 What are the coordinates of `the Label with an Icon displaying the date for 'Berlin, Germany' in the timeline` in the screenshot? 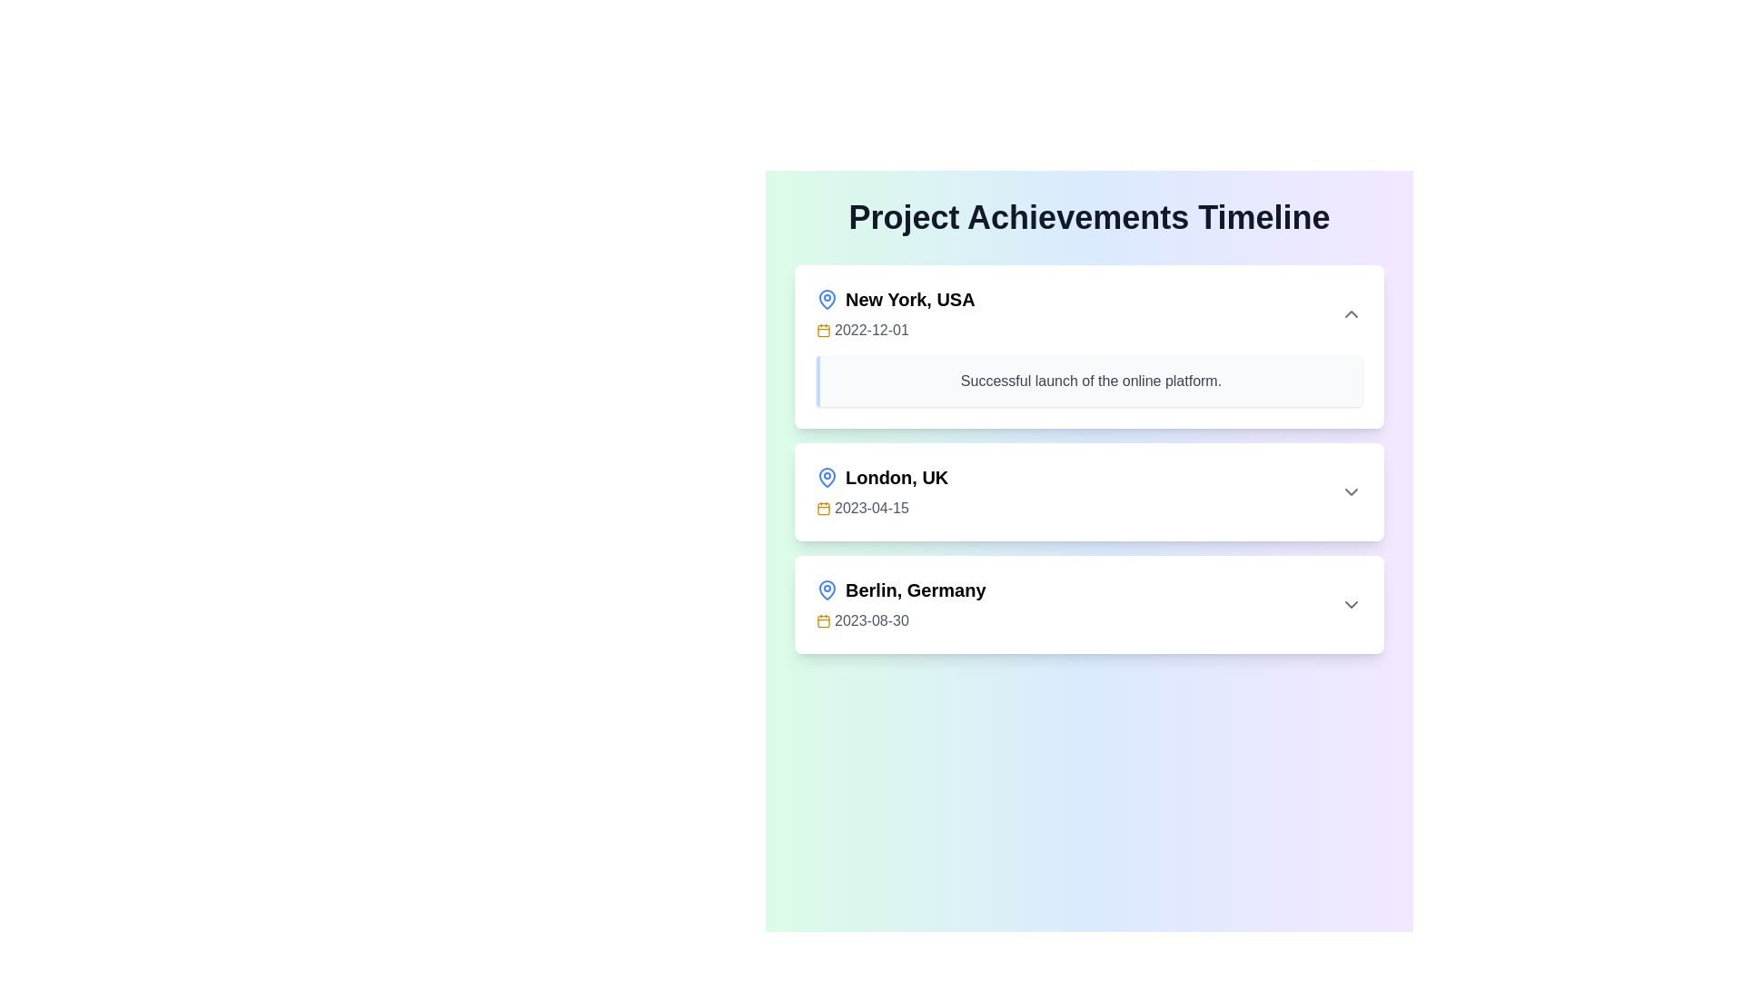 It's located at (901, 619).